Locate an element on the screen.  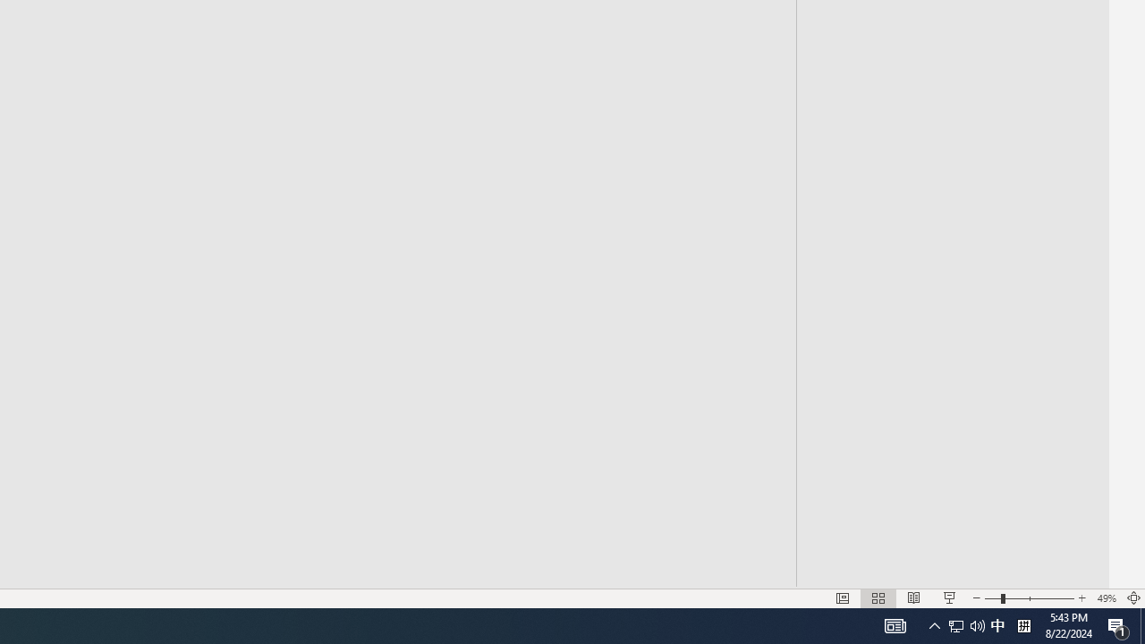
'Zoom 49%' is located at coordinates (1106, 598).